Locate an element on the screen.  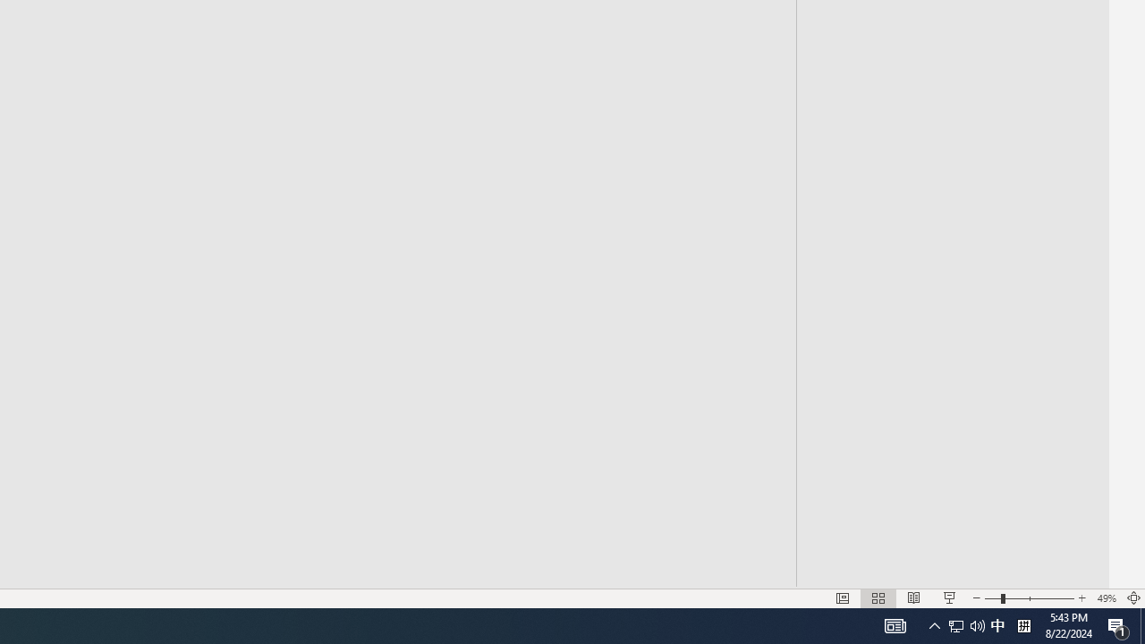
'Zoom 49%' is located at coordinates (1106, 598).